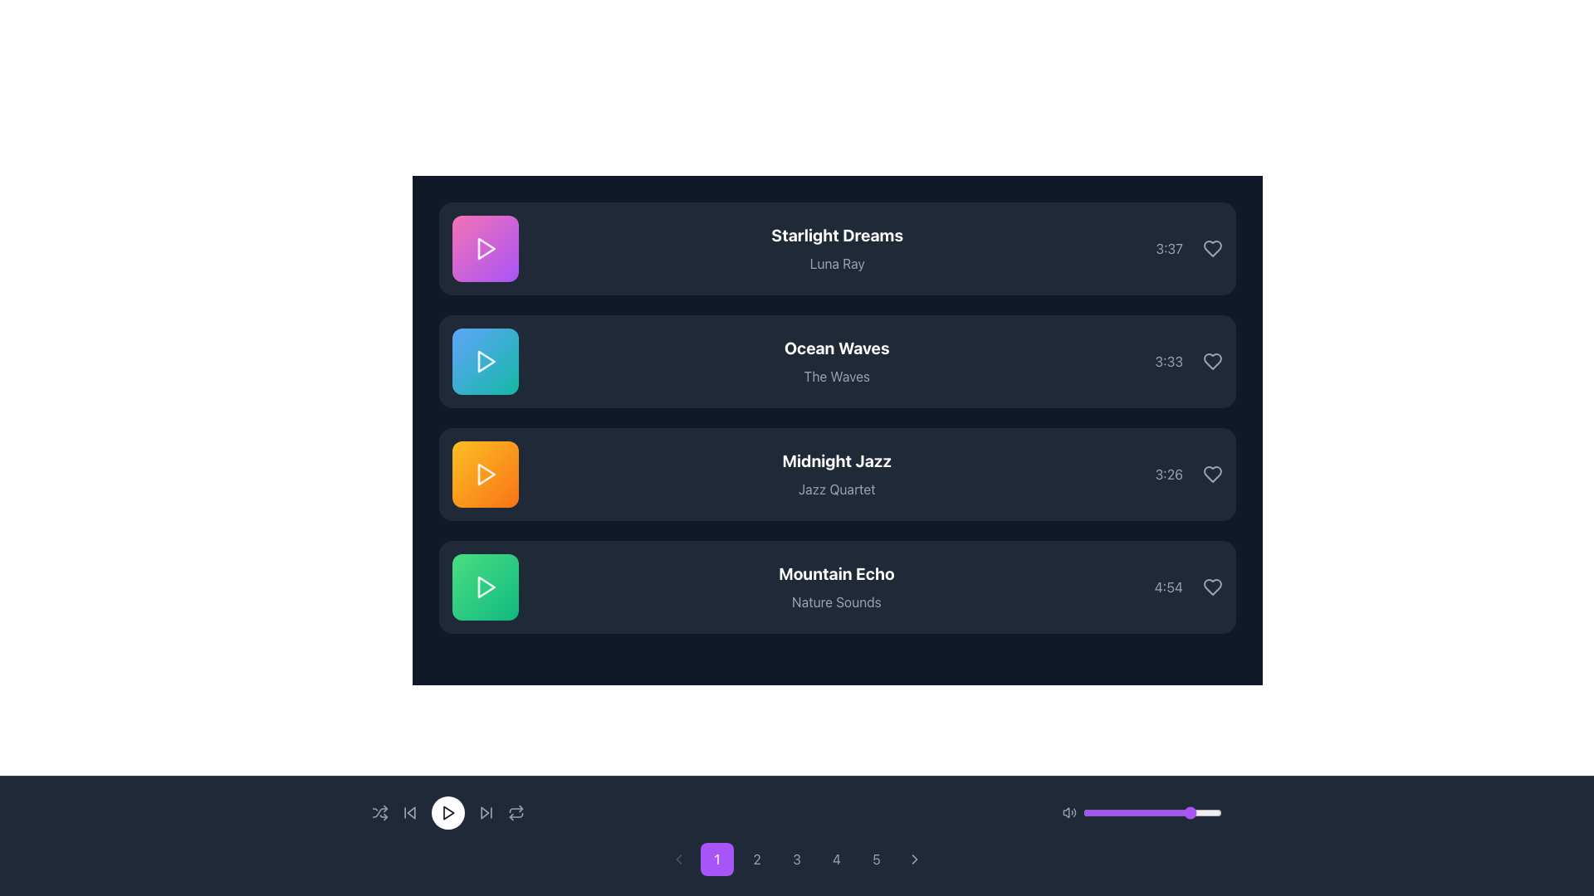 The width and height of the screenshot is (1594, 896). What do you see at coordinates (1117, 811) in the screenshot?
I see `the slider value` at bounding box center [1117, 811].